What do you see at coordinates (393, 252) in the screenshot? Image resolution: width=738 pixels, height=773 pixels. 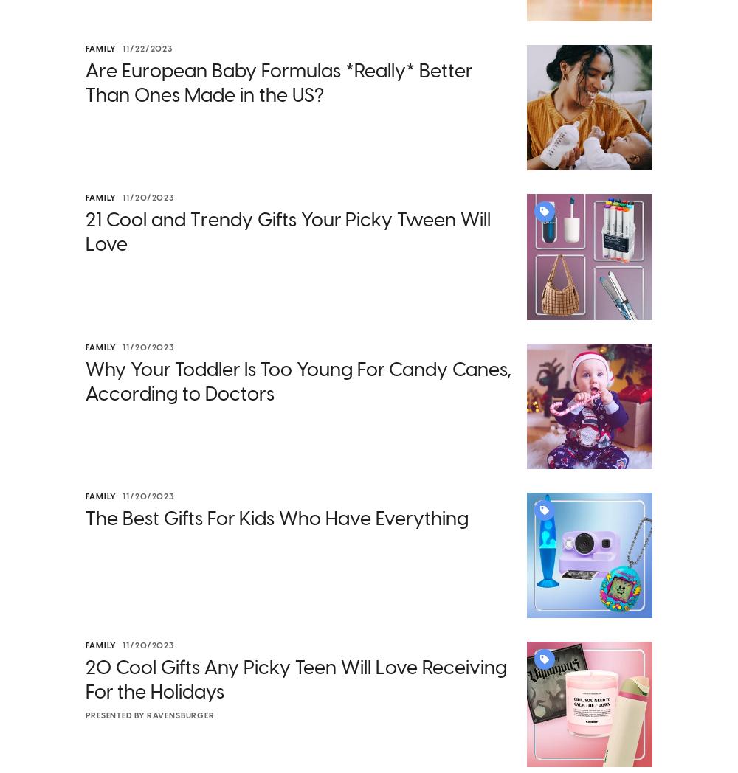 I see `'costing more than tuition at San Diego State University'` at bounding box center [393, 252].